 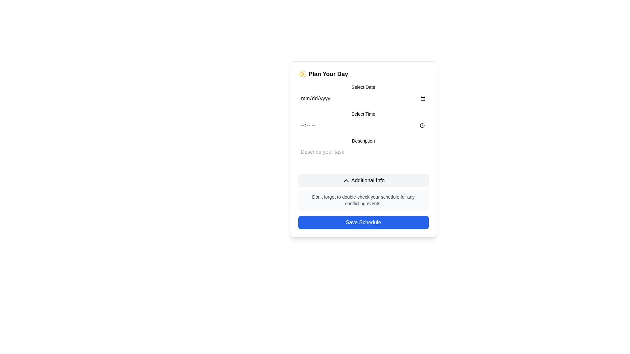 What do you see at coordinates (363, 181) in the screenshot?
I see `the 'Additional Info' button, which features an upward-pointing chevron icon and a light gray background, located in the center-bottom area of a card layout` at bounding box center [363, 181].